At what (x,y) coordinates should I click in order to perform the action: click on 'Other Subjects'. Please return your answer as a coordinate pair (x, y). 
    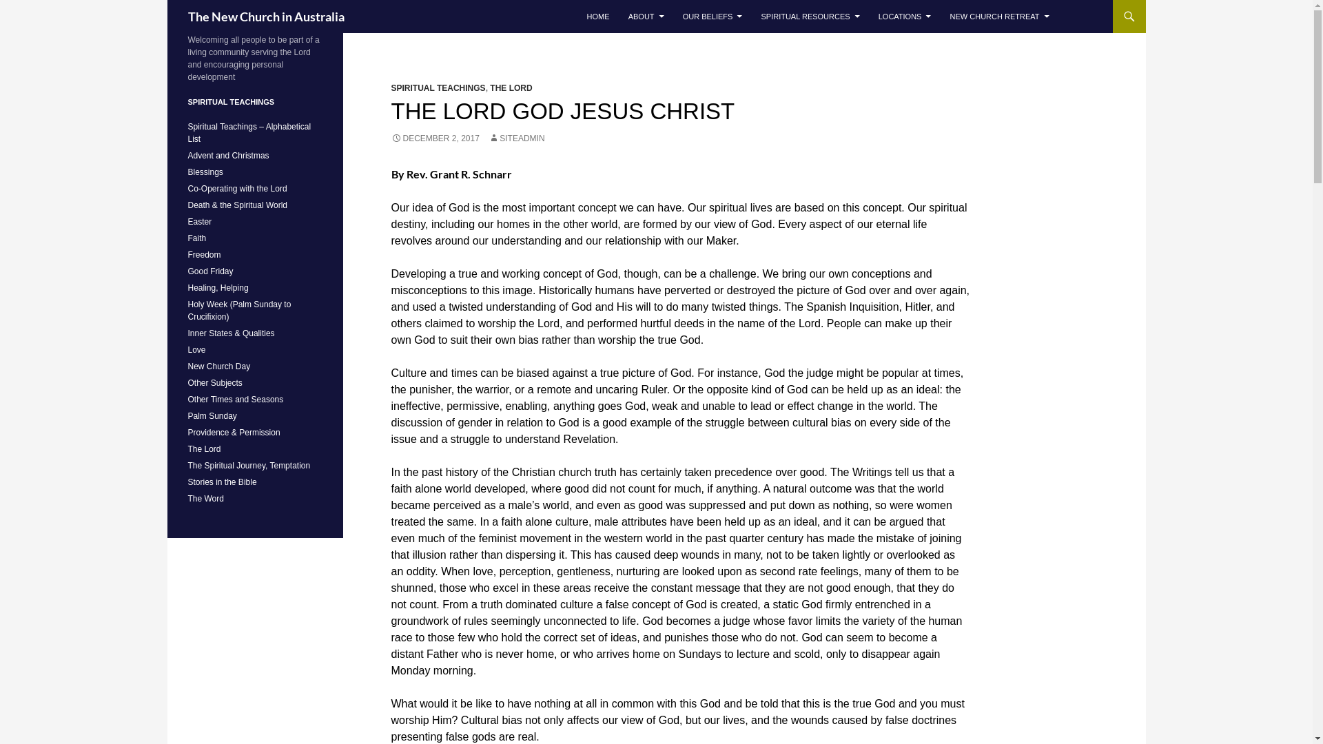
    Looking at the image, I should click on (187, 382).